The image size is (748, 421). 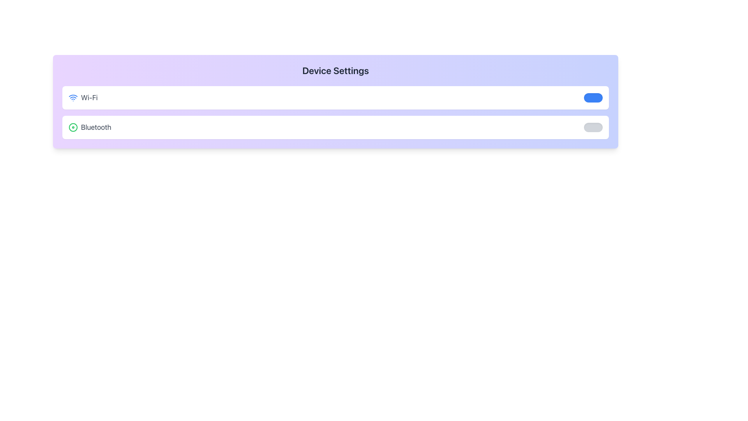 What do you see at coordinates (73, 127) in the screenshot?
I see `the Circular SVG Shape that symbolizes Bluetooth functionality, which is the larger circle located to the left of the 'Bluetooth' text` at bounding box center [73, 127].